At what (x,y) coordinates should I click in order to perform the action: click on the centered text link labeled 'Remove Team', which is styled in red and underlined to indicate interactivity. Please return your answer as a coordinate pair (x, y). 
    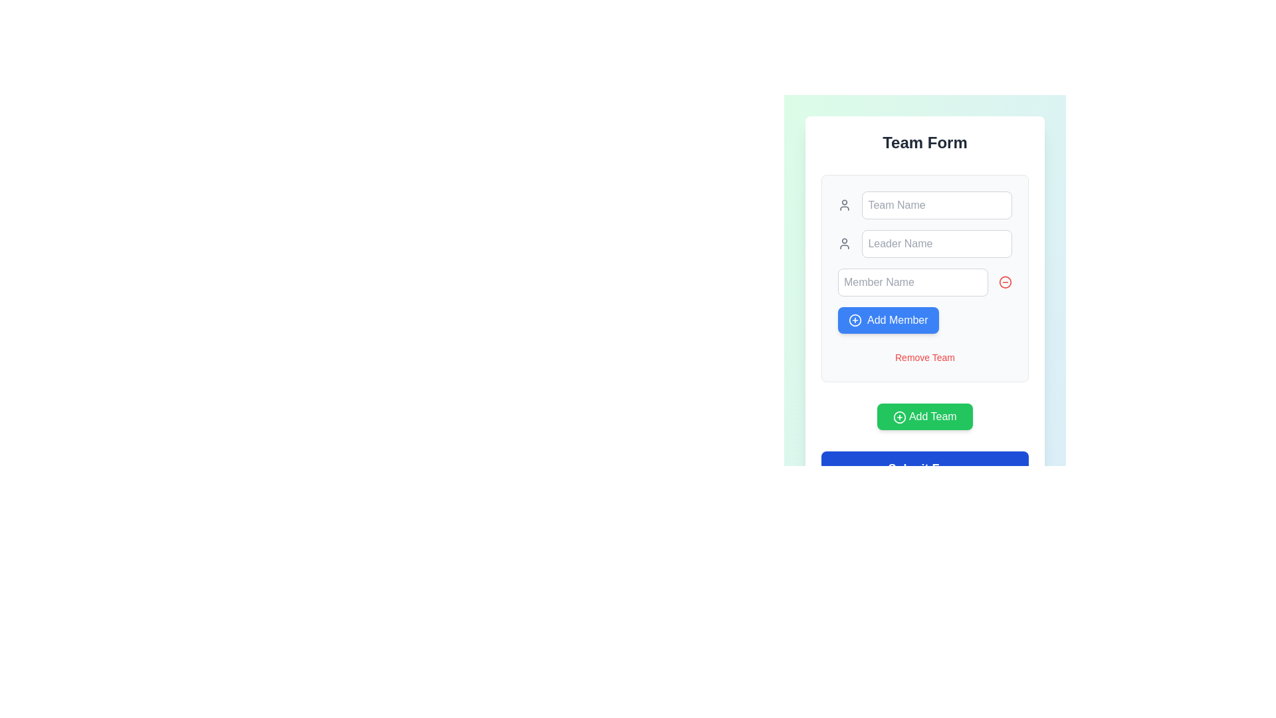
    Looking at the image, I should click on (924, 356).